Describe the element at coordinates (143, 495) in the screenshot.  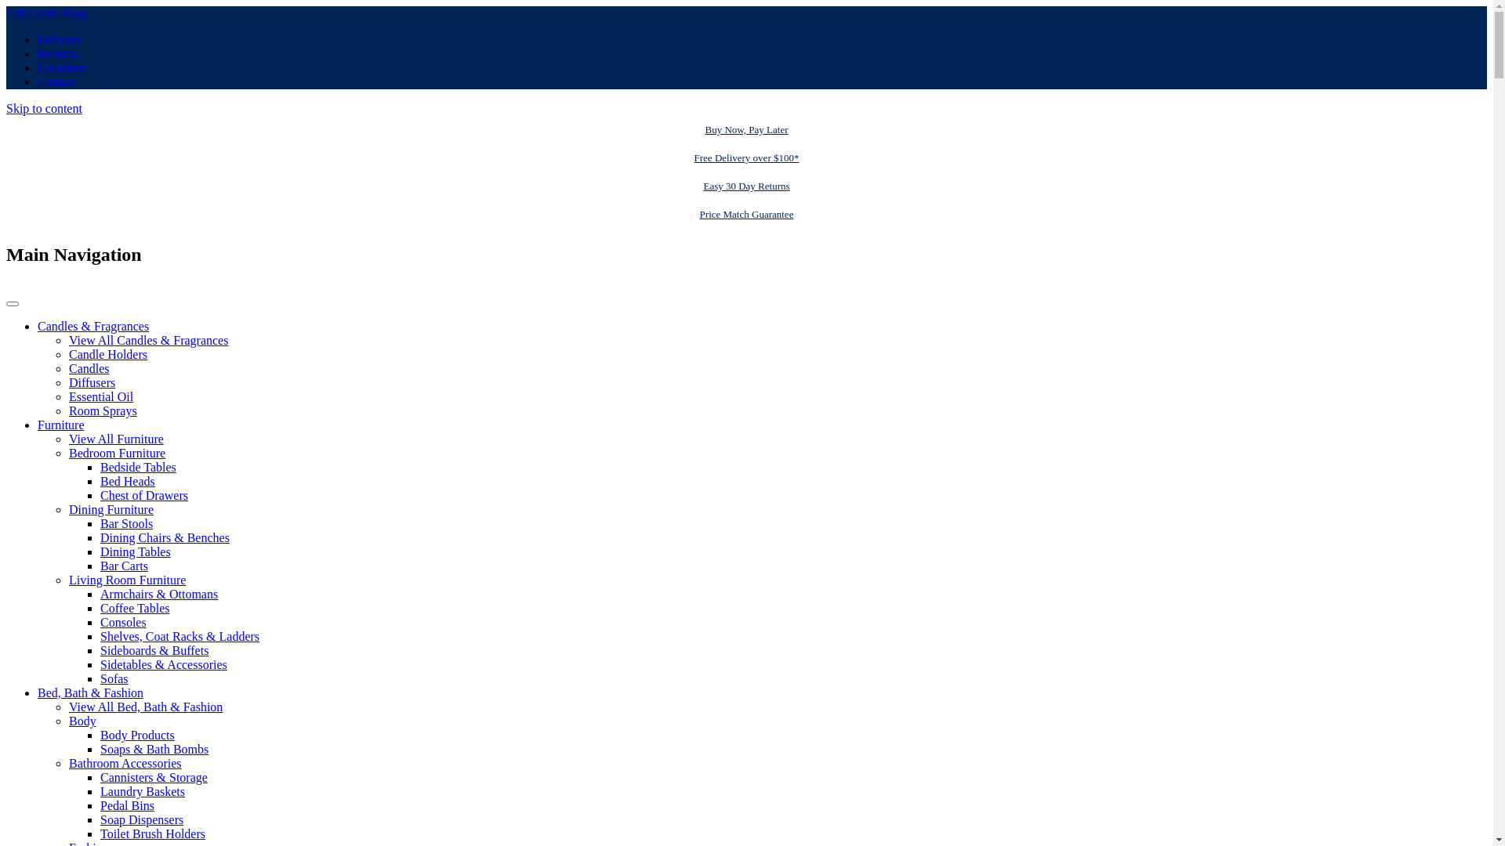
I see `'Chest of Drawers'` at that location.